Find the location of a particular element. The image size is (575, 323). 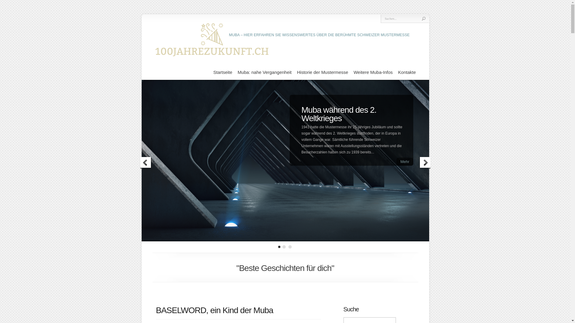

'Kontakte' is located at coordinates (398, 72).